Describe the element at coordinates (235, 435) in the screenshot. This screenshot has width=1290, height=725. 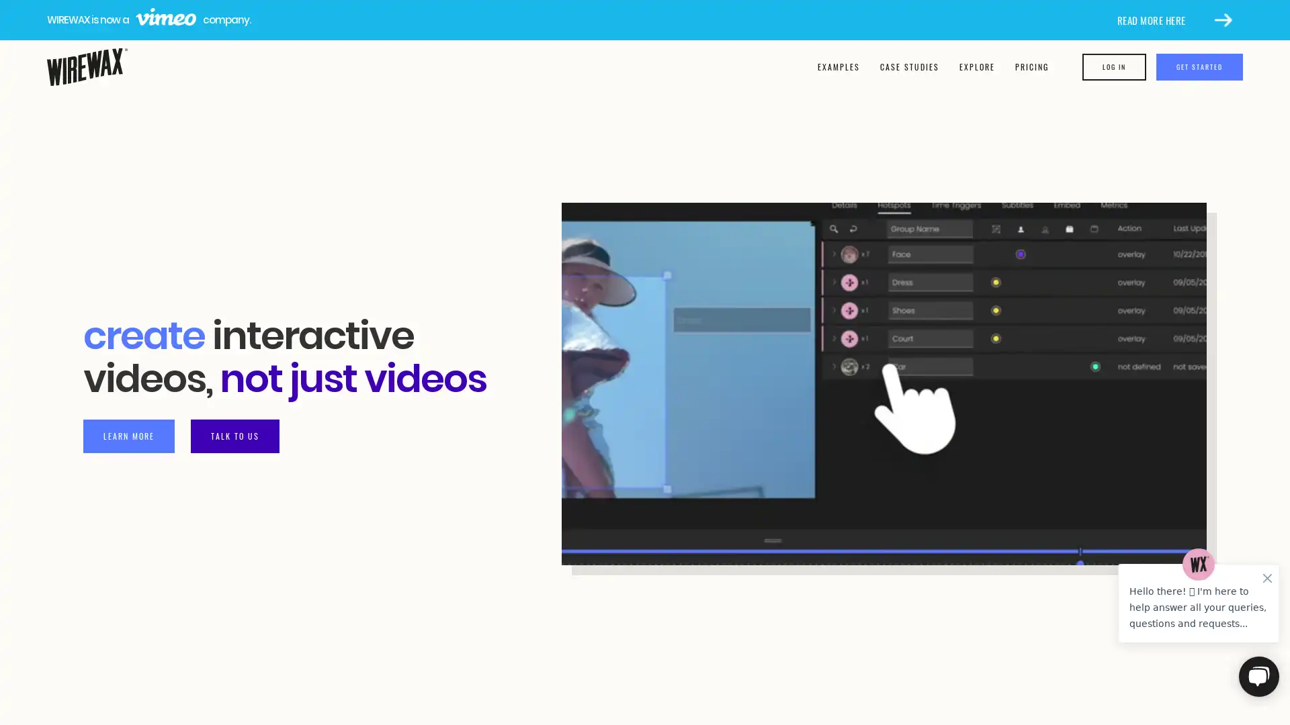
I see `TALK TO US` at that location.